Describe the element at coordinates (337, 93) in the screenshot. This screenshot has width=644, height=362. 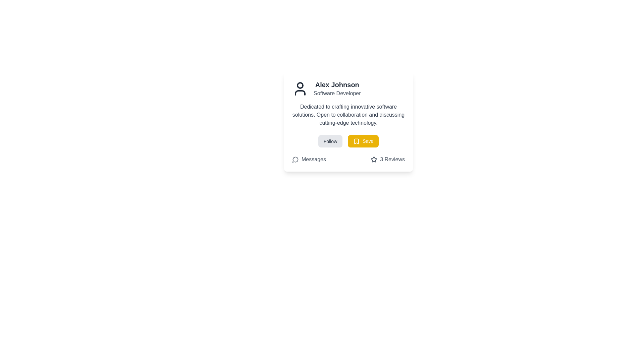
I see `the text label indicating the professional designation below 'Alex Johnson' in the upper central area of the card` at that location.